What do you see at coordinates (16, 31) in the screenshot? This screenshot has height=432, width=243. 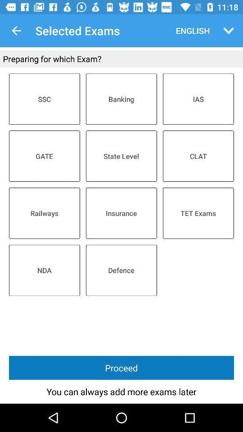 I see `icon above the preparing for which item` at bounding box center [16, 31].